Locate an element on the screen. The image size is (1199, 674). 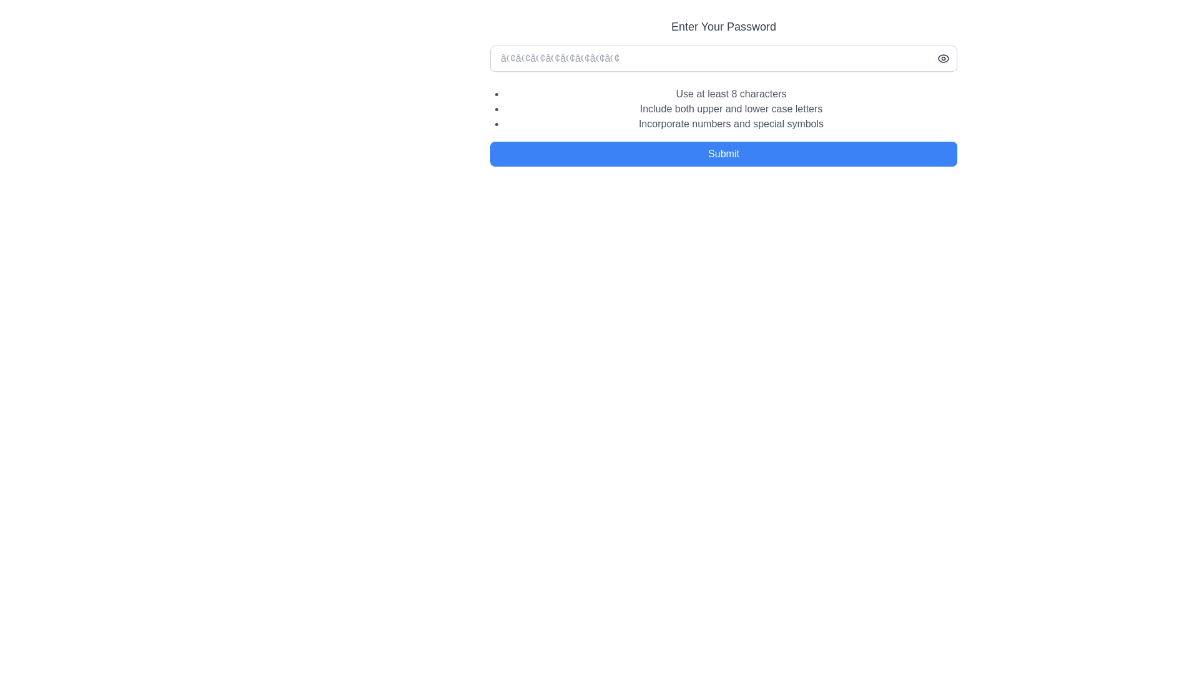
the text element that reads 'Incorporate numbers and special symbols', which is the third bullet point in a list of instructions below the password entry field is located at coordinates (731, 124).